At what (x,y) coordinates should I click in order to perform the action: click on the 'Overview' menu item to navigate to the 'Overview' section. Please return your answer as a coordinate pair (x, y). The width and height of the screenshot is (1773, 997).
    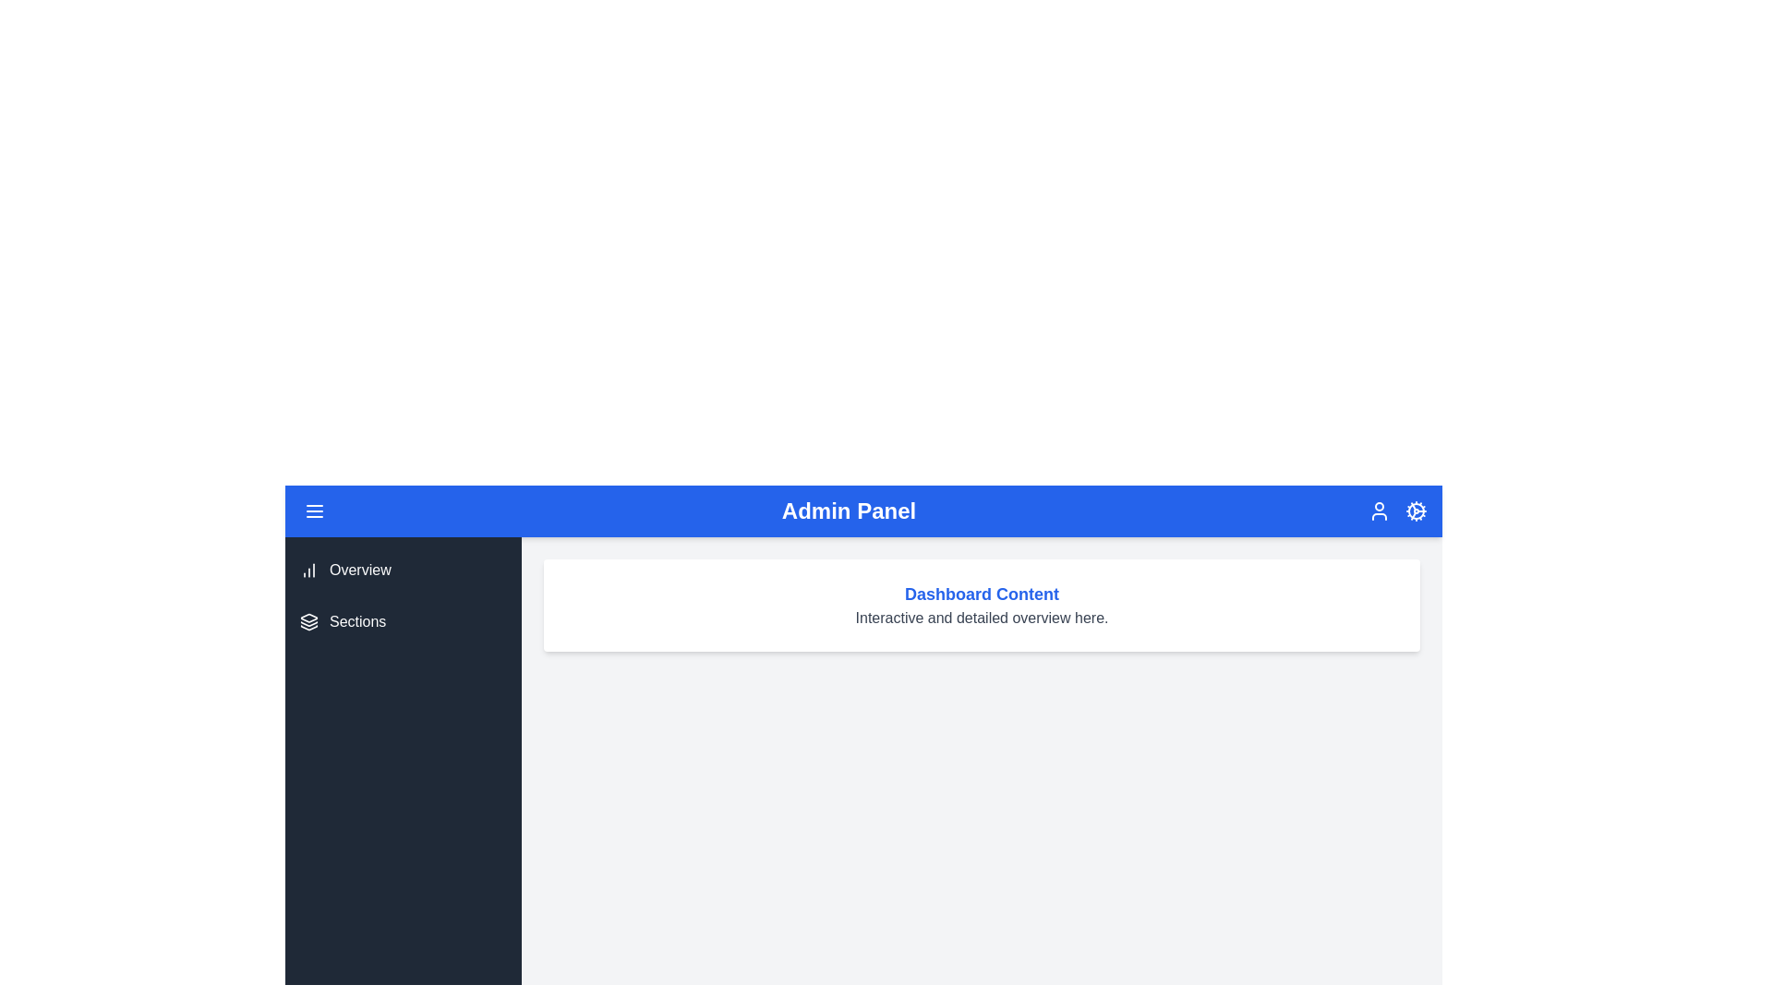
    Looking at the image, I should click on (402, 569).